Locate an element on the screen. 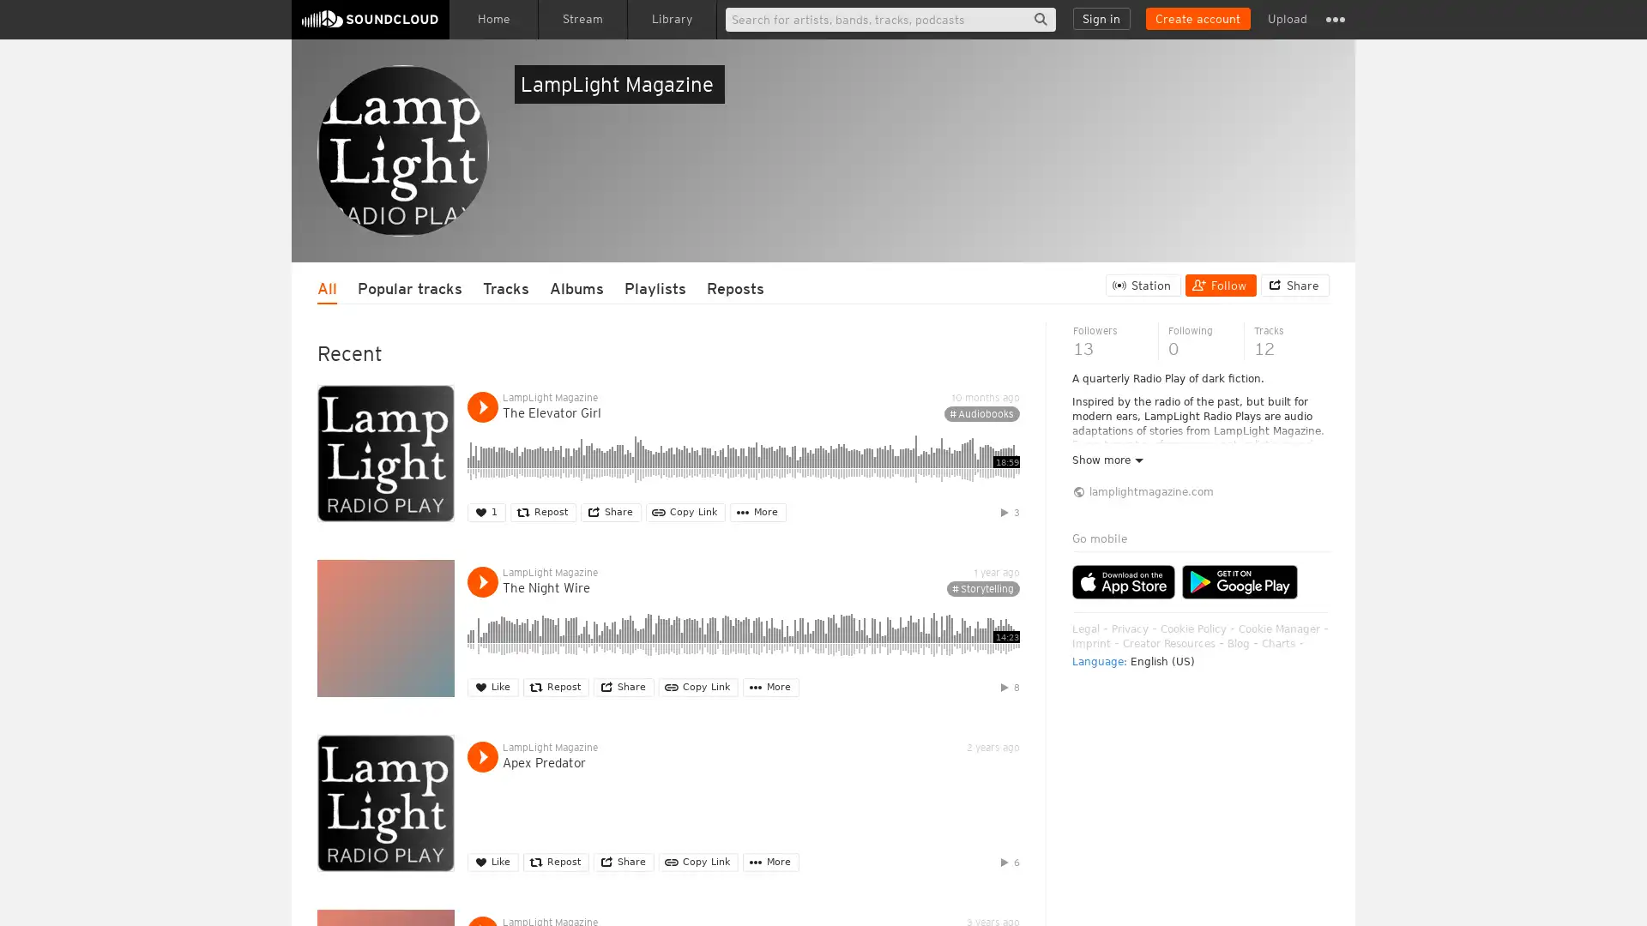 The height and width of the screenshot is (926, 1647). Create a SoundCloud account is located at coordinates (1197, 19).